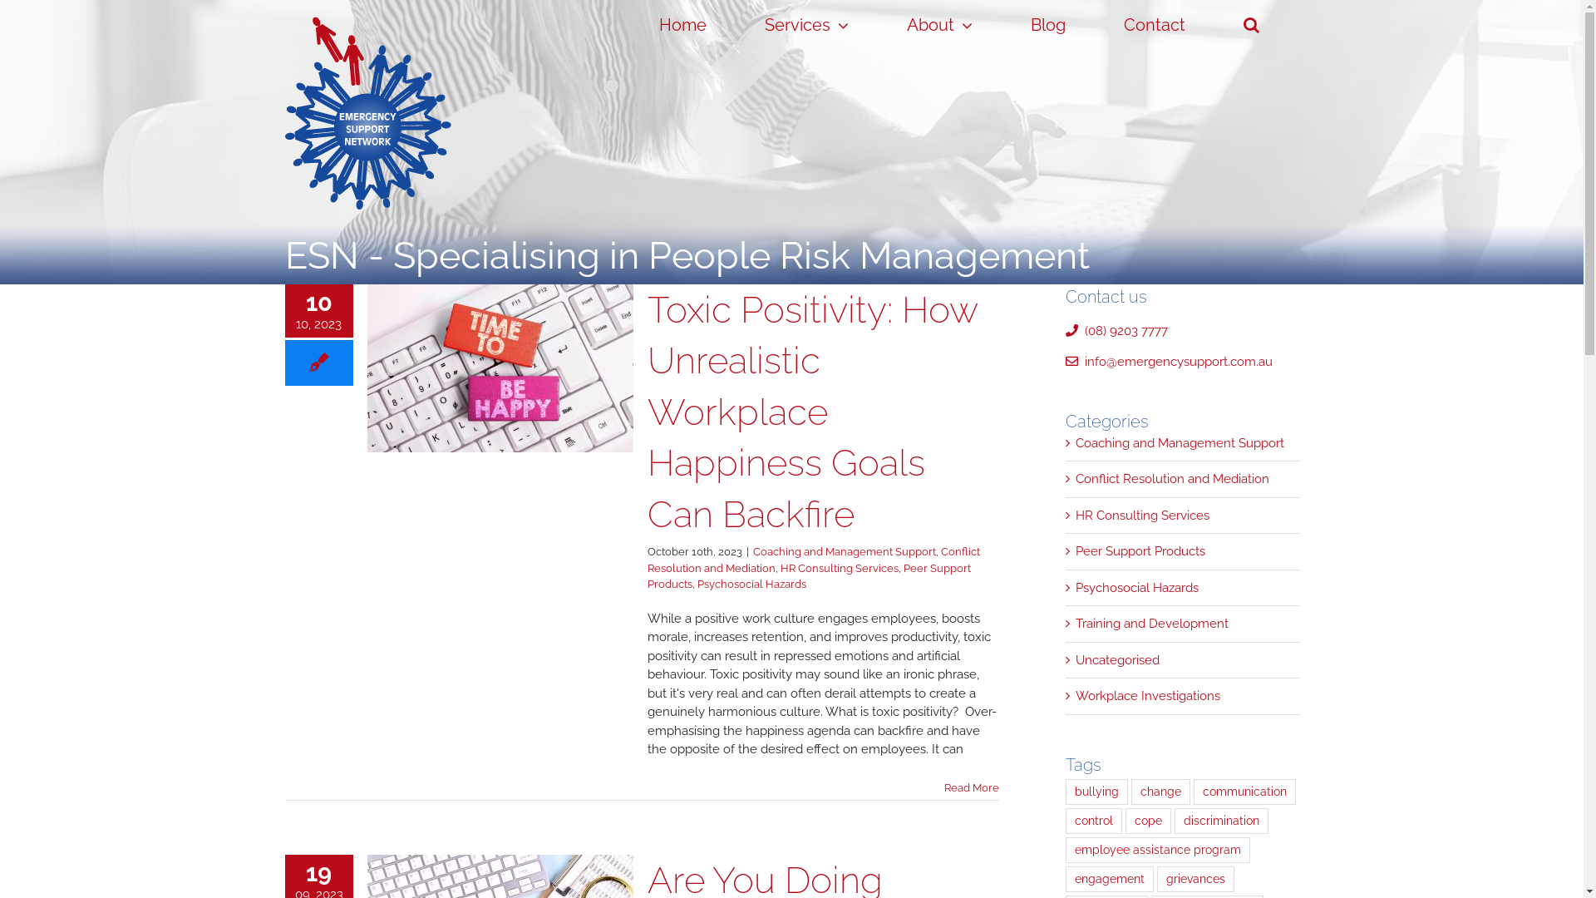 The height and width of the screenshot is (898, 1596). Describe the element at coordinates (1096, 790) in the screenshot. I see `'bullying'` at that location.